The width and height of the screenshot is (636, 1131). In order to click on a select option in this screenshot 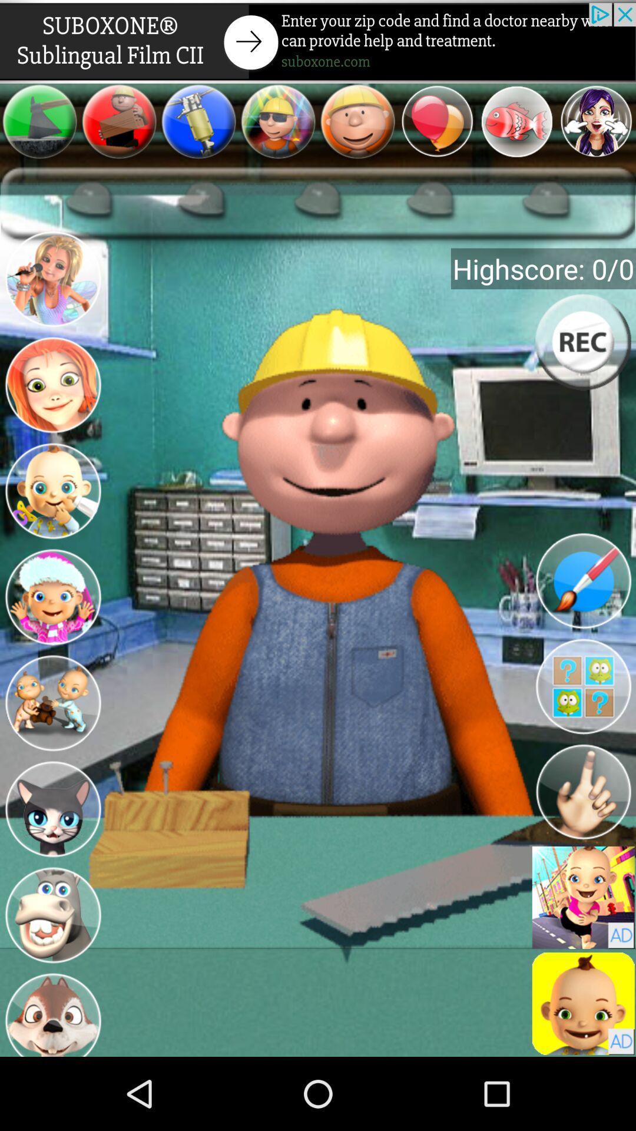, I will do `click(52, 280)`.